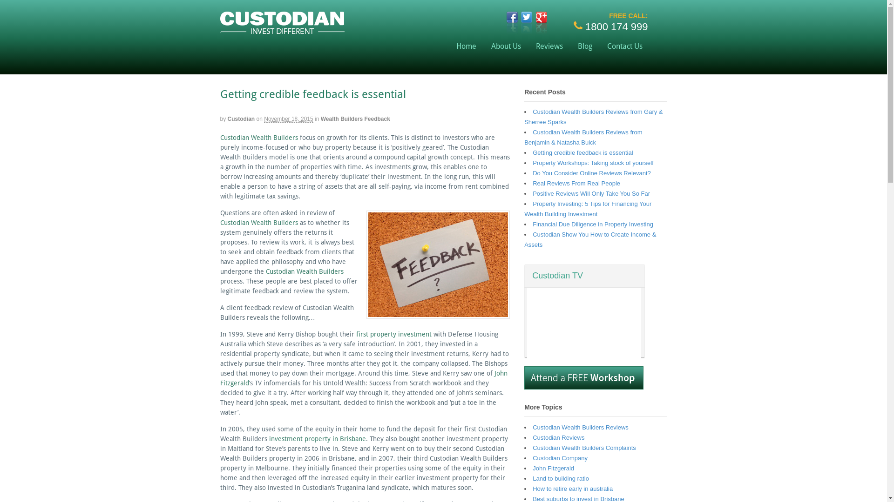 The width and height of the screenshot is (894, 502). I want to click on 'Custodian Reviews', so click(558, 437).